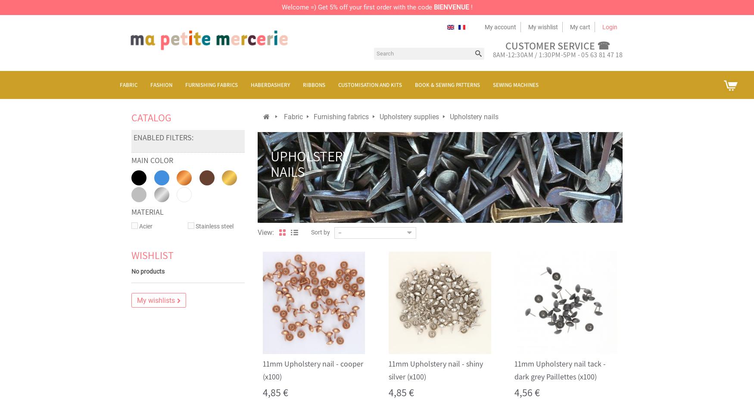  I want to click on 'Upholstery supplies', so click(409, 116).